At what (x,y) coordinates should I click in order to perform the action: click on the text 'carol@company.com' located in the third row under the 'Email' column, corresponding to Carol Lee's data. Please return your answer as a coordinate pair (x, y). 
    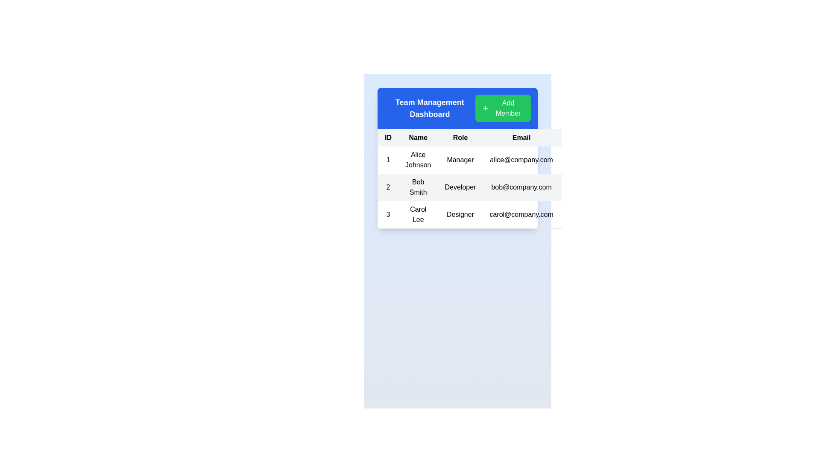
    Looking at the image, I should click on (521, 214).